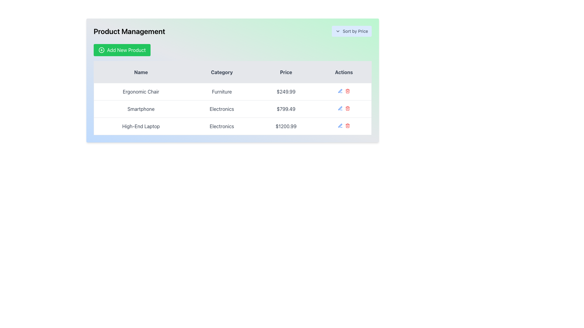  I want to click on the 'Category' text label, which is the second column header in the table view, aligned between 'Name' and 'Price', so click(221, 72).